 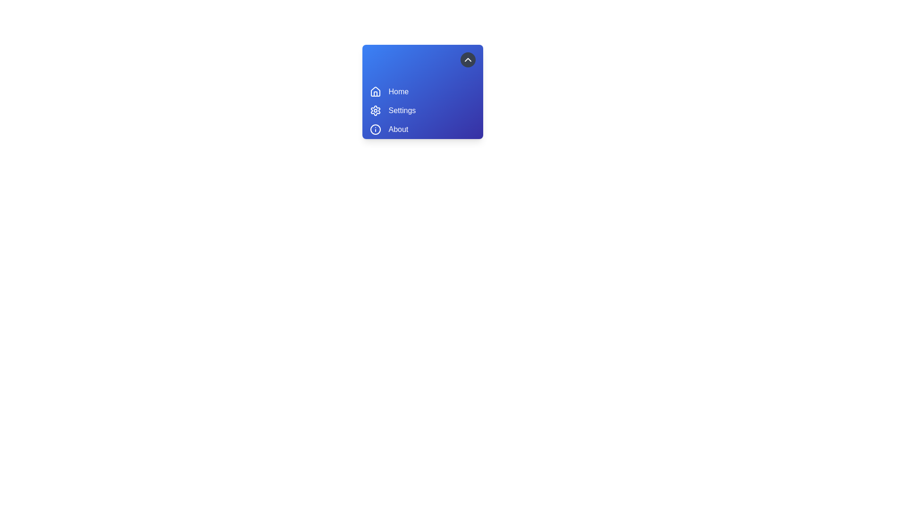 What do you see at coordinates (422, 110) in the screenshot?
I see `the 'Settings' menu item in the vertical sidebar menu` at bounding box center [422, 110].